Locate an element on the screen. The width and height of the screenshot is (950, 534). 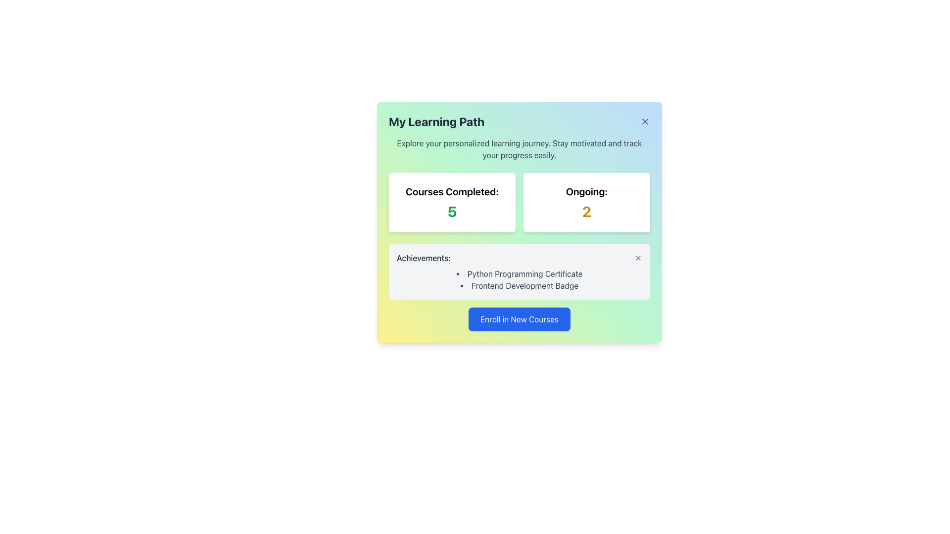
the text label displaying the name of a certification achievement located in the 'Achievements' section, positioned directly above the 'Frontend Development Badge' is located at coordinates (519, 274).